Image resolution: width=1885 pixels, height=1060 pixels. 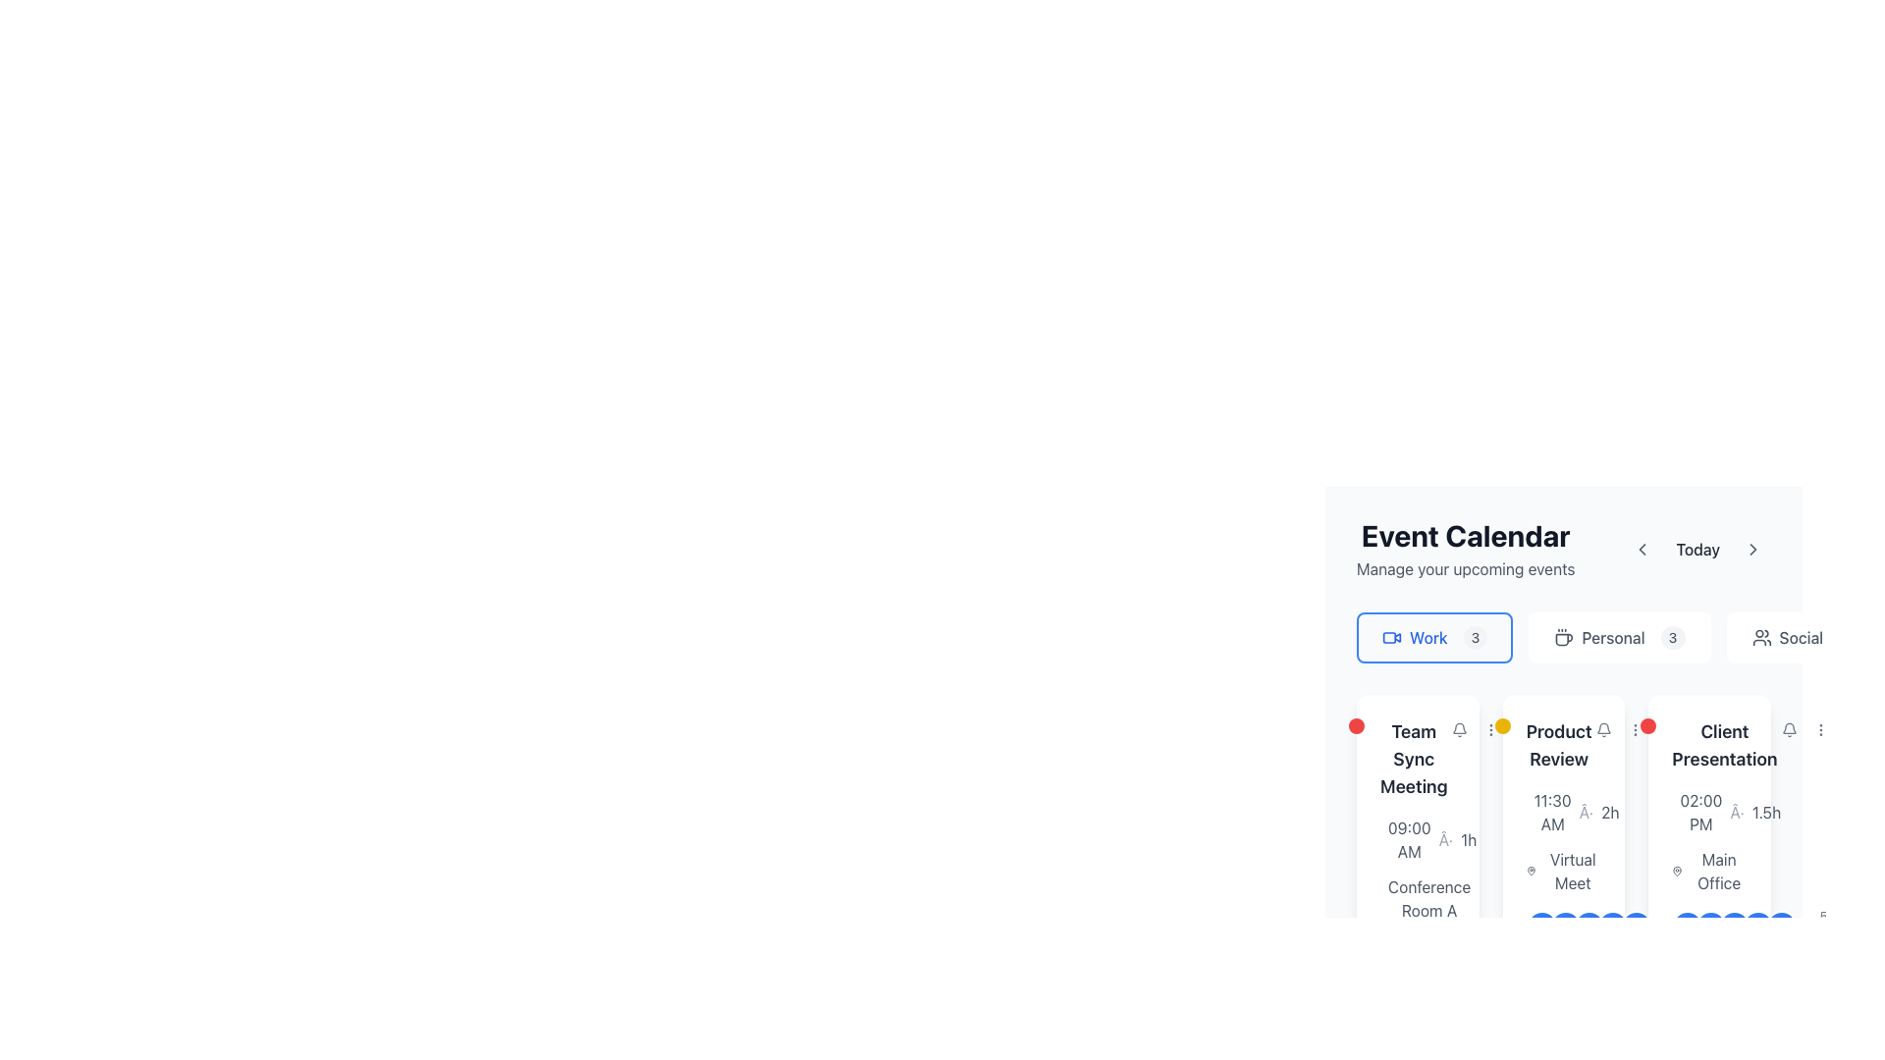 What do you see at coordinates (1619, 730) in the screenshot?
I see `the bell icon in the horizontal group of clickable icons located in the top-right corner of the 'Product Review' card` at bounding box center [1619, 730].